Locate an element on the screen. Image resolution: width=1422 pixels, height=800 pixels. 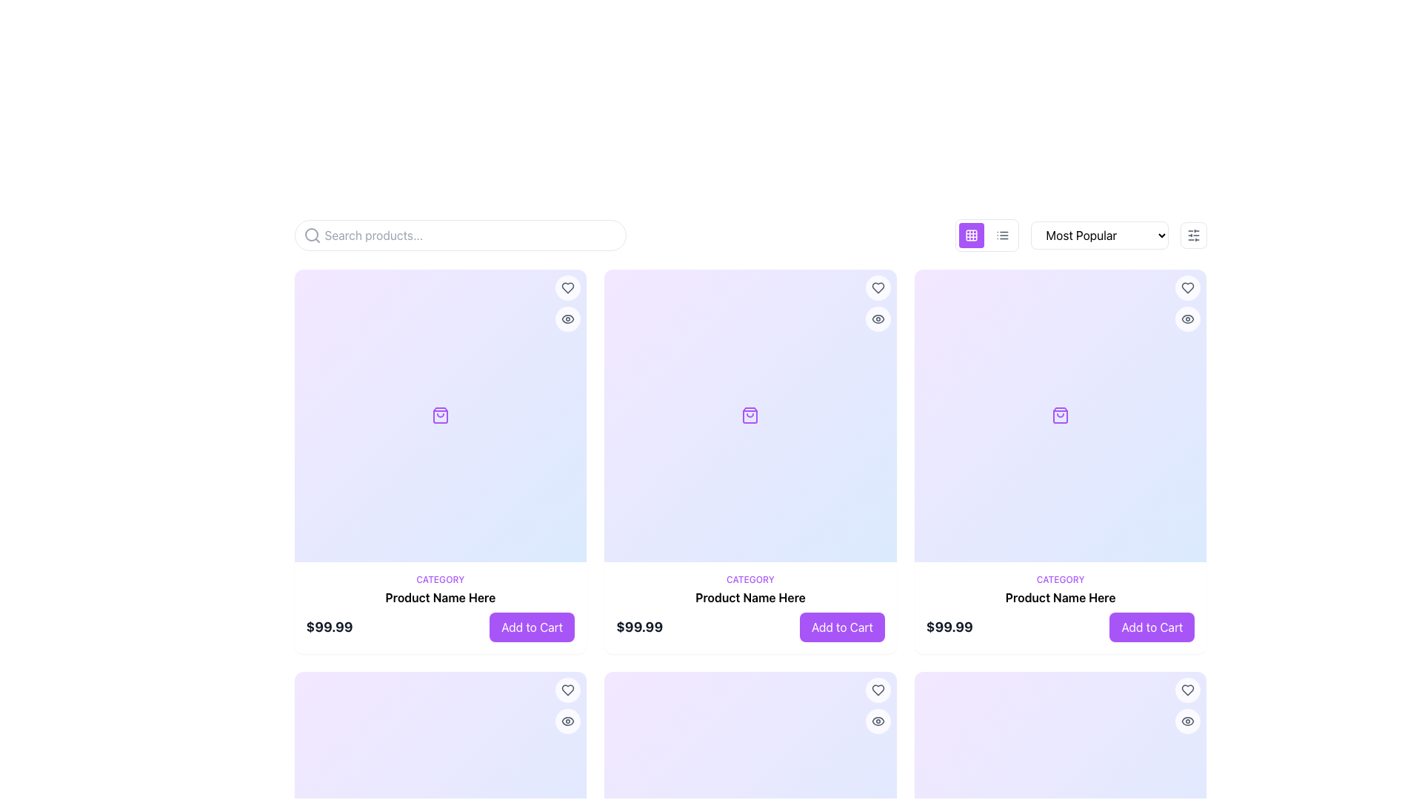
the heart icon in the top-right portion of the product card is located at coordinates (567, 690).